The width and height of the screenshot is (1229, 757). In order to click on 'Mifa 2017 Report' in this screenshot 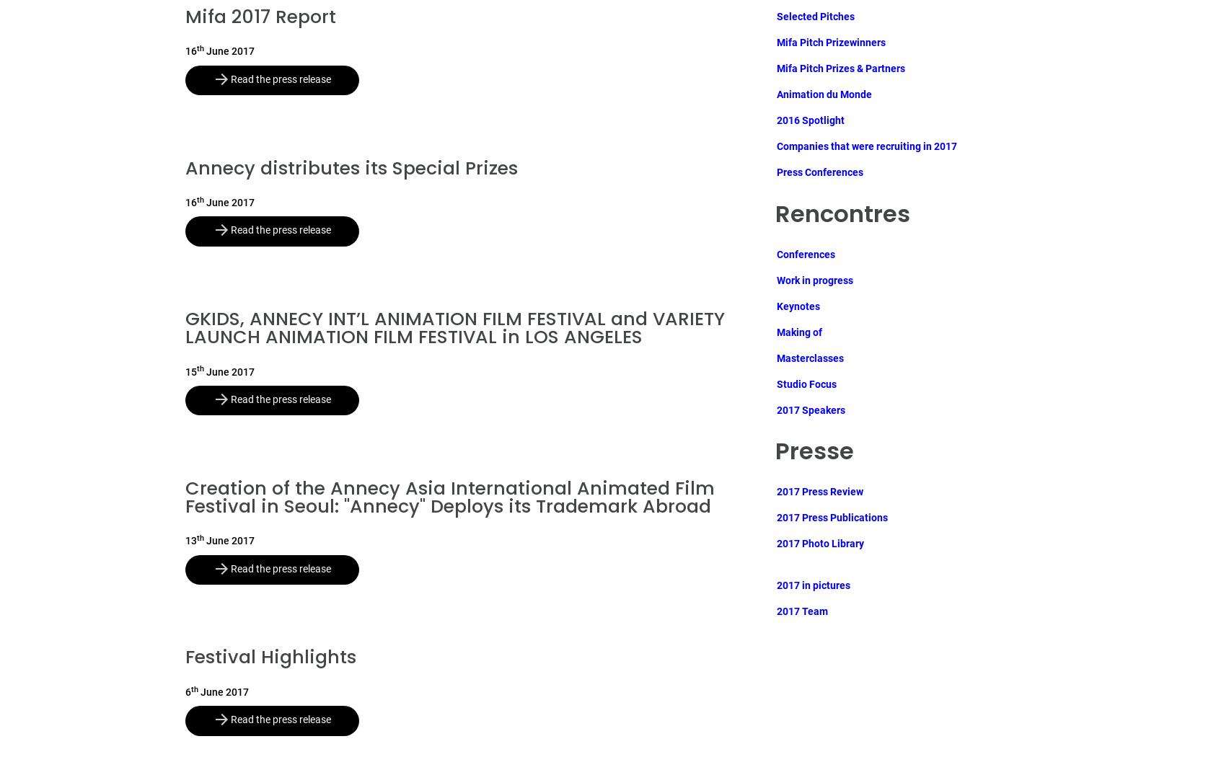, I will do `click(260, 16)`.